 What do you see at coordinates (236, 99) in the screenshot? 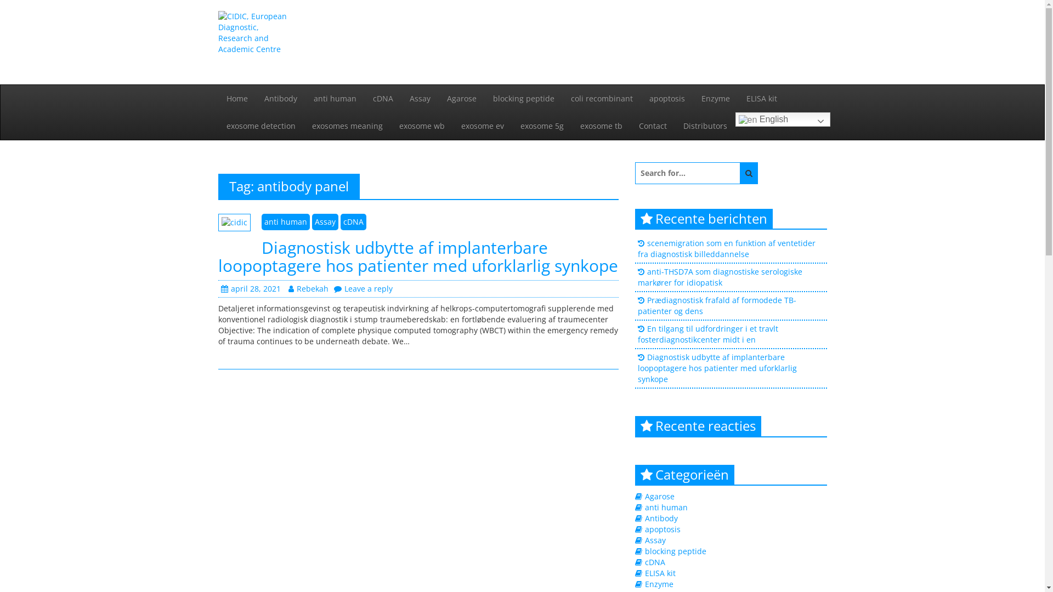
I see `'Home'` at bounding box center [236, 99].